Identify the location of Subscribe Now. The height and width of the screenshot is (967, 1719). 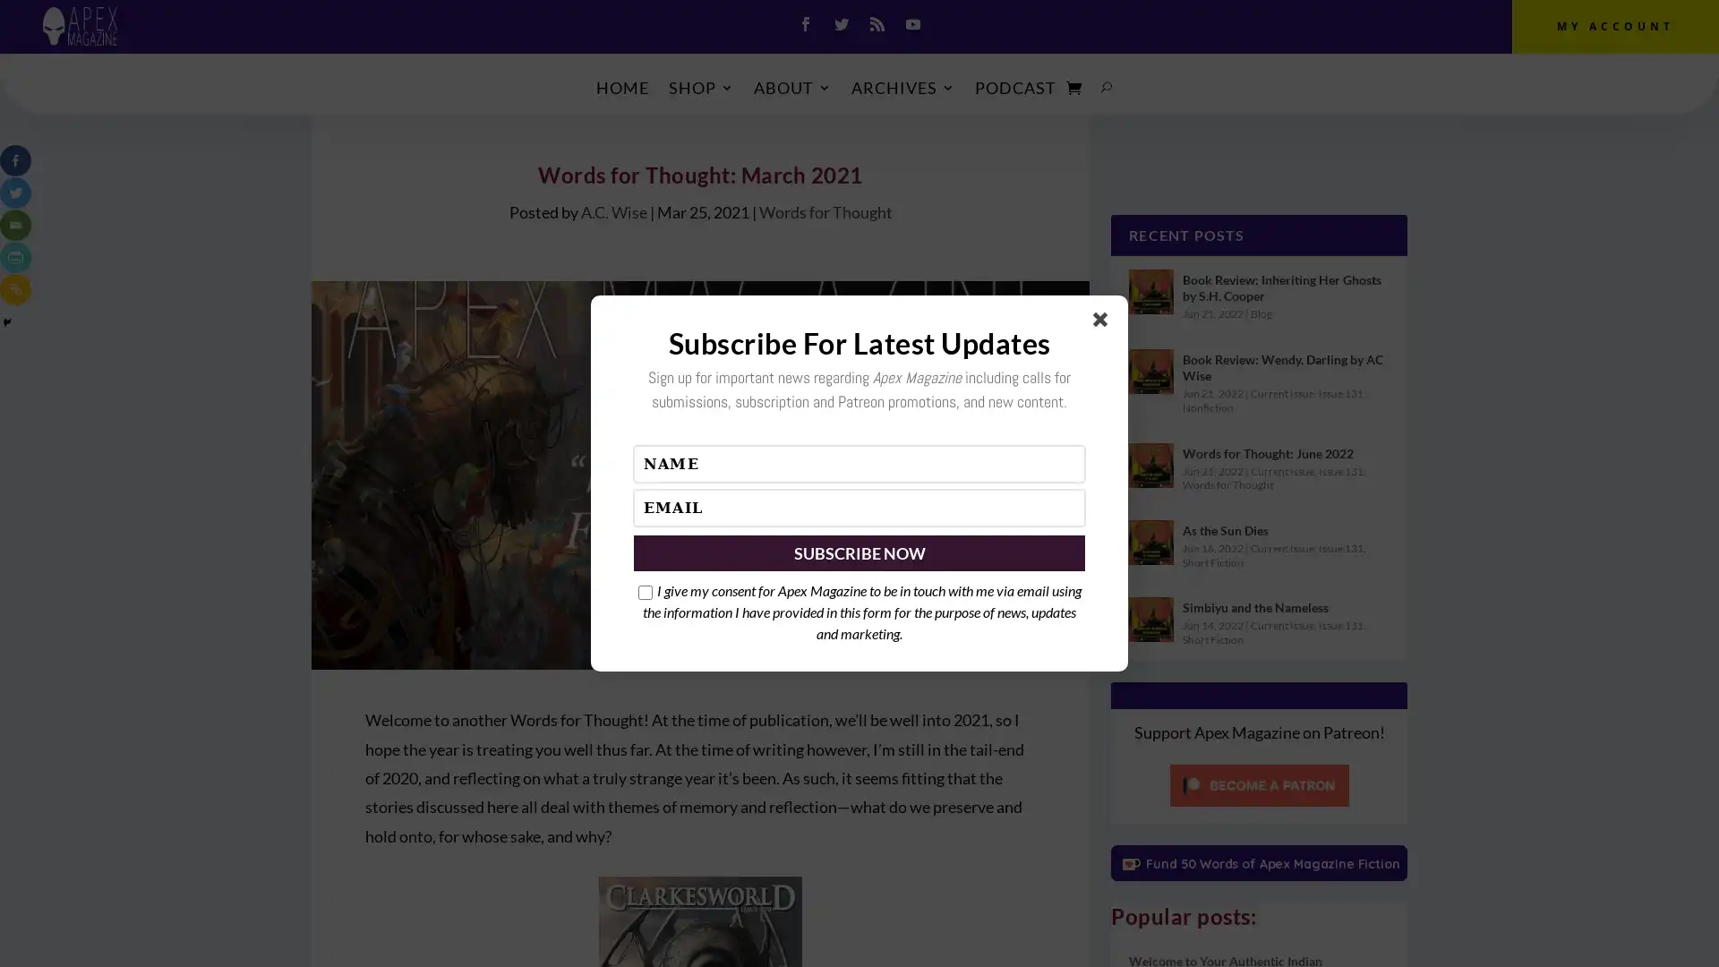
(859, 552).